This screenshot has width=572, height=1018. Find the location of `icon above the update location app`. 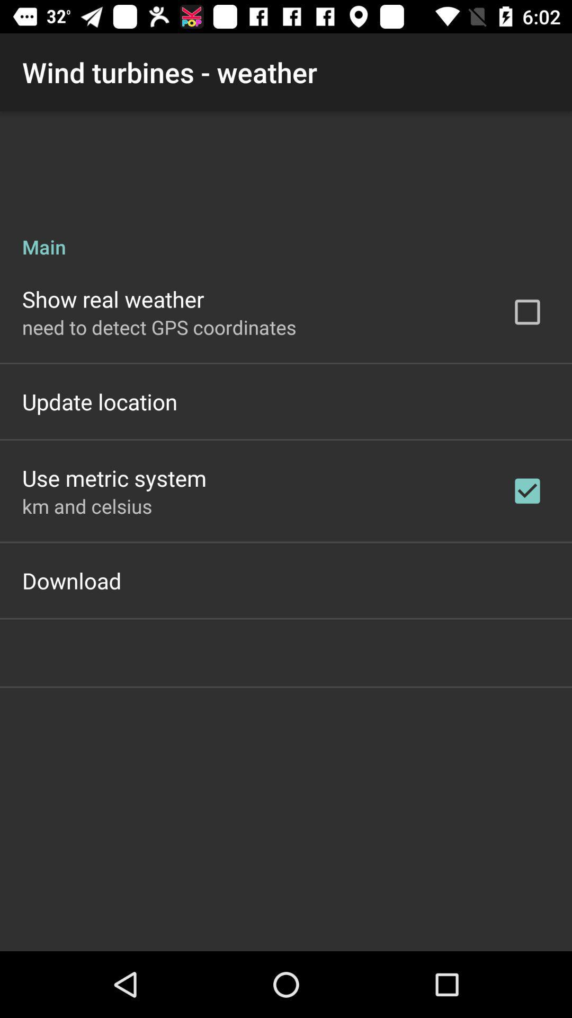

icon above the update location app is located at coordinates (159, 327).